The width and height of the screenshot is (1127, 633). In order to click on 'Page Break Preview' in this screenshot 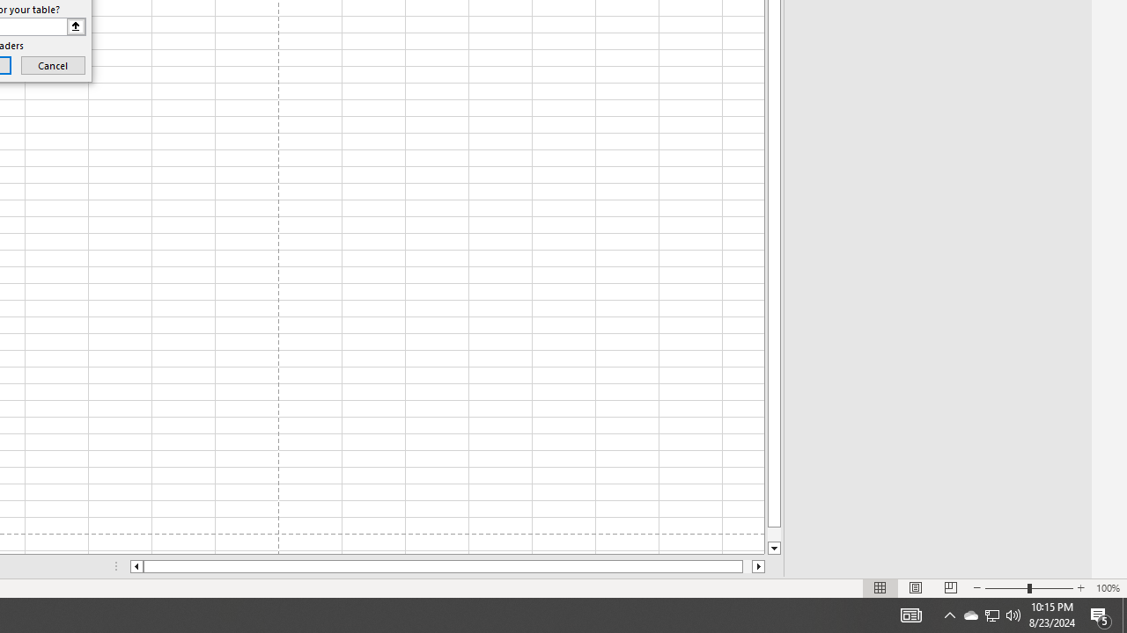, I will do `click(949, 588)`.